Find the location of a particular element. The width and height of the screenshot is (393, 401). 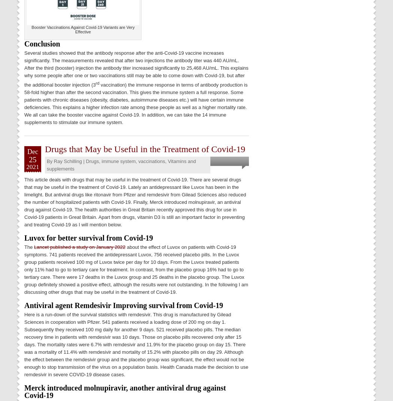

'2021' is located at coordinates (33, 166).